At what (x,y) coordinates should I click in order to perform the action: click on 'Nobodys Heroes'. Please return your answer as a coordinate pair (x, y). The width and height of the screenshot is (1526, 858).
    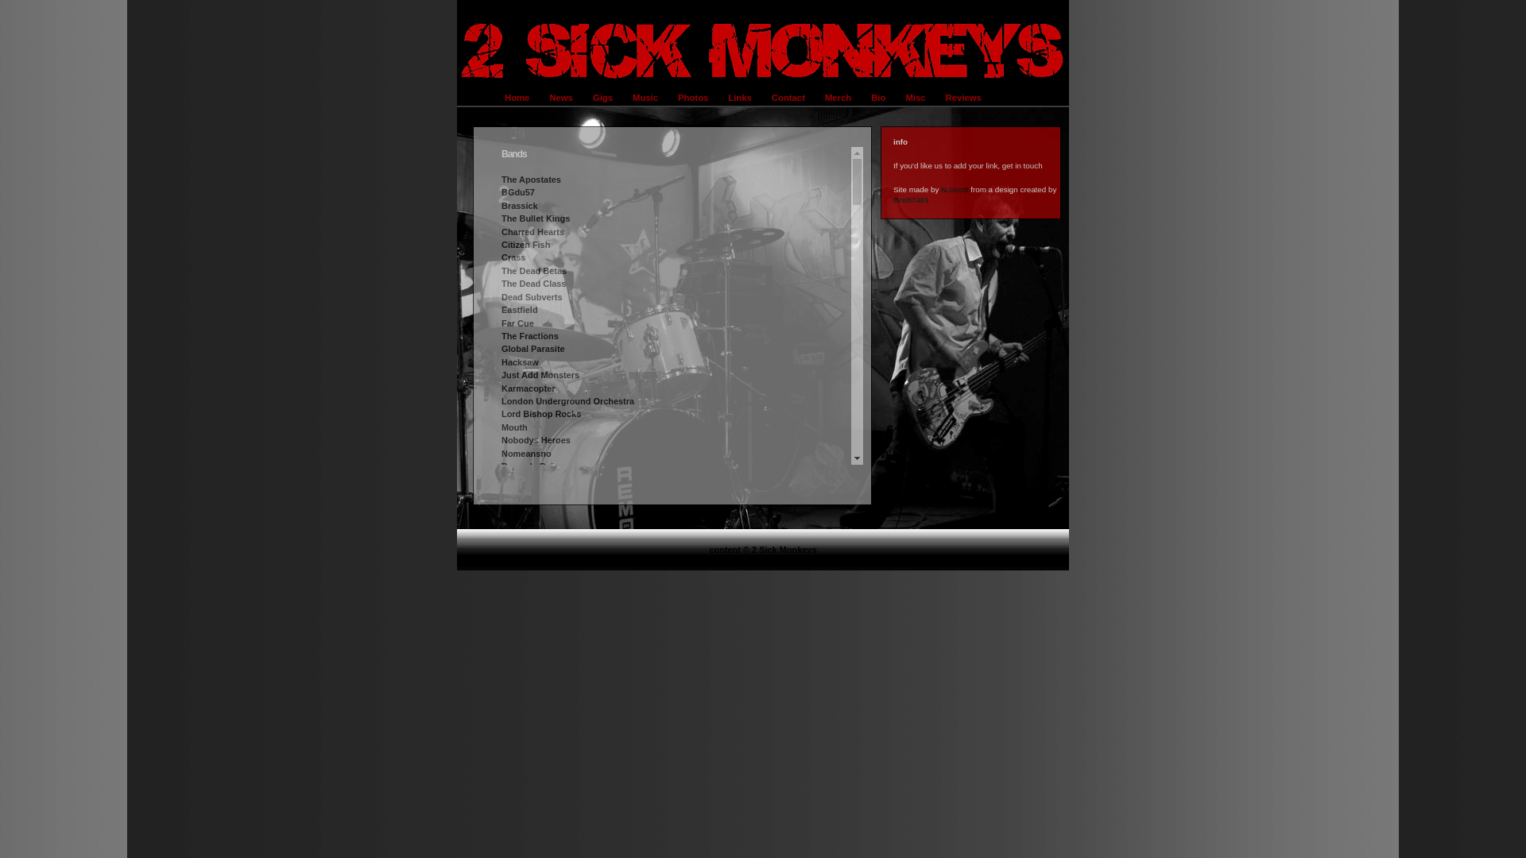
    Looking at the image, I should click on (536, 440).